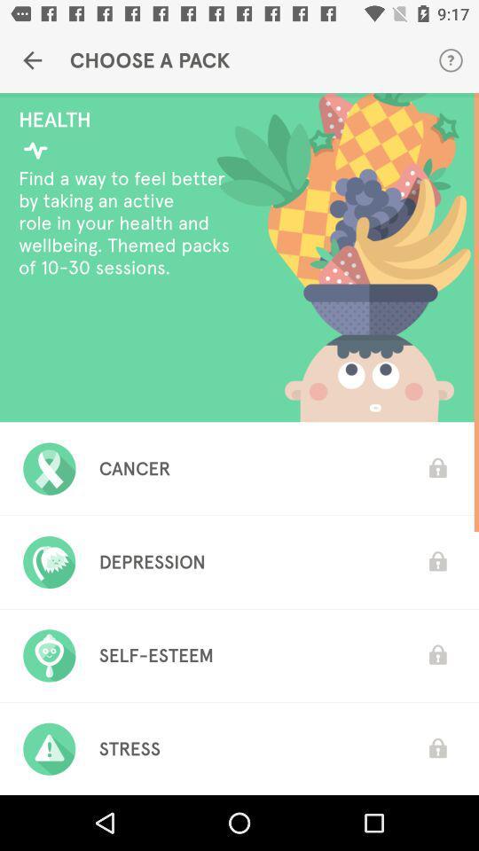 Image resolution: width=479 pixels, height=851 pixels. What do you see at coordinates (128, 222) in the screenshot?
I see `the find a way` at bounding box center [128, 222].